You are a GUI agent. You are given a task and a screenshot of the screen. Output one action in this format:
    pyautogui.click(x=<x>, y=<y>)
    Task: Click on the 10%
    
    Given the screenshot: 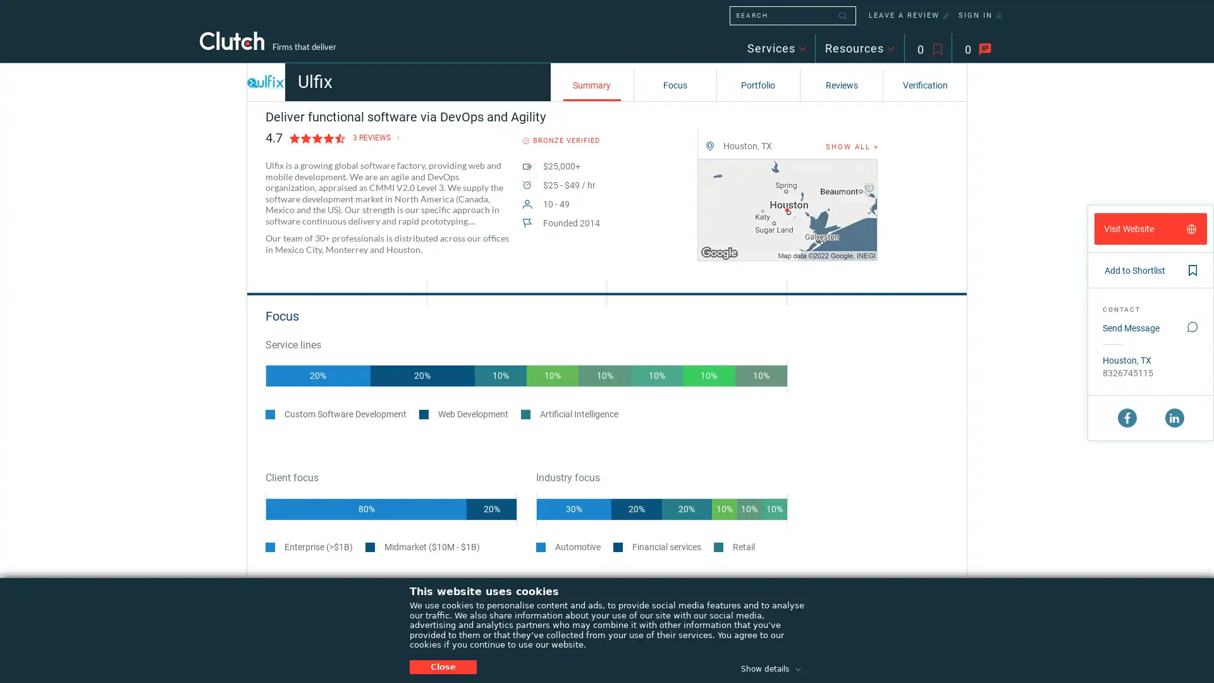 What is the action you would take?
    pyautogui.click(x=500, y=375)
    